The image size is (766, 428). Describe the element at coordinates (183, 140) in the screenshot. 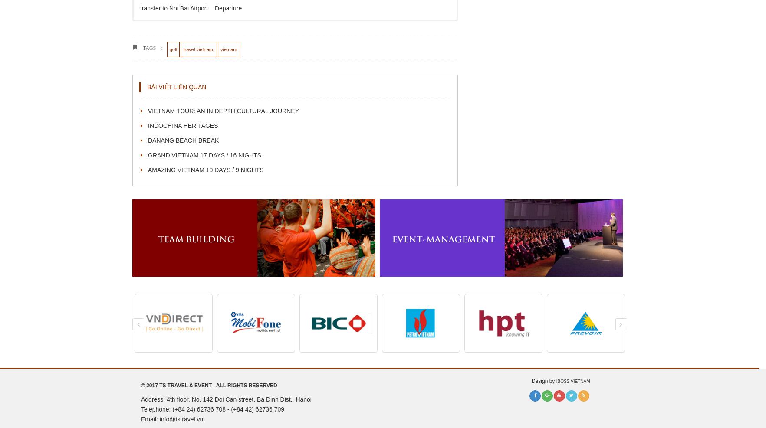

I see `'DANANG BEACH BREAK'` at that location.